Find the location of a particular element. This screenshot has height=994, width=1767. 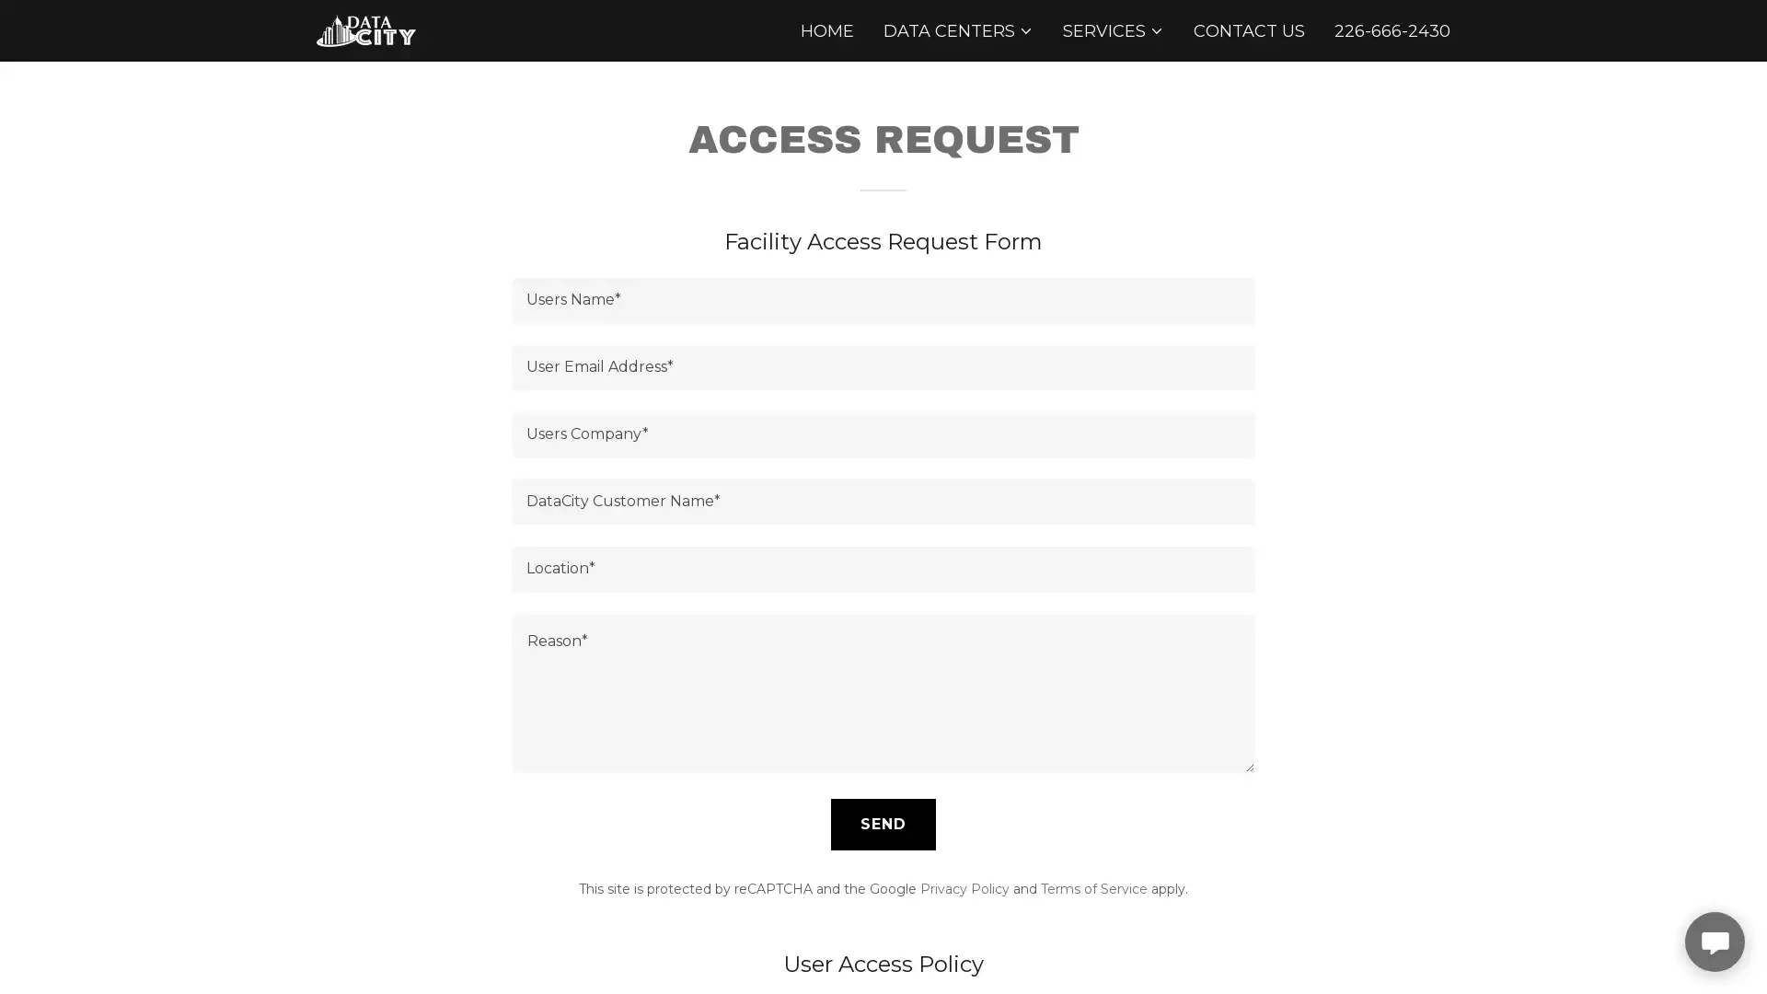

SEND is located at coordinates (882, 822).